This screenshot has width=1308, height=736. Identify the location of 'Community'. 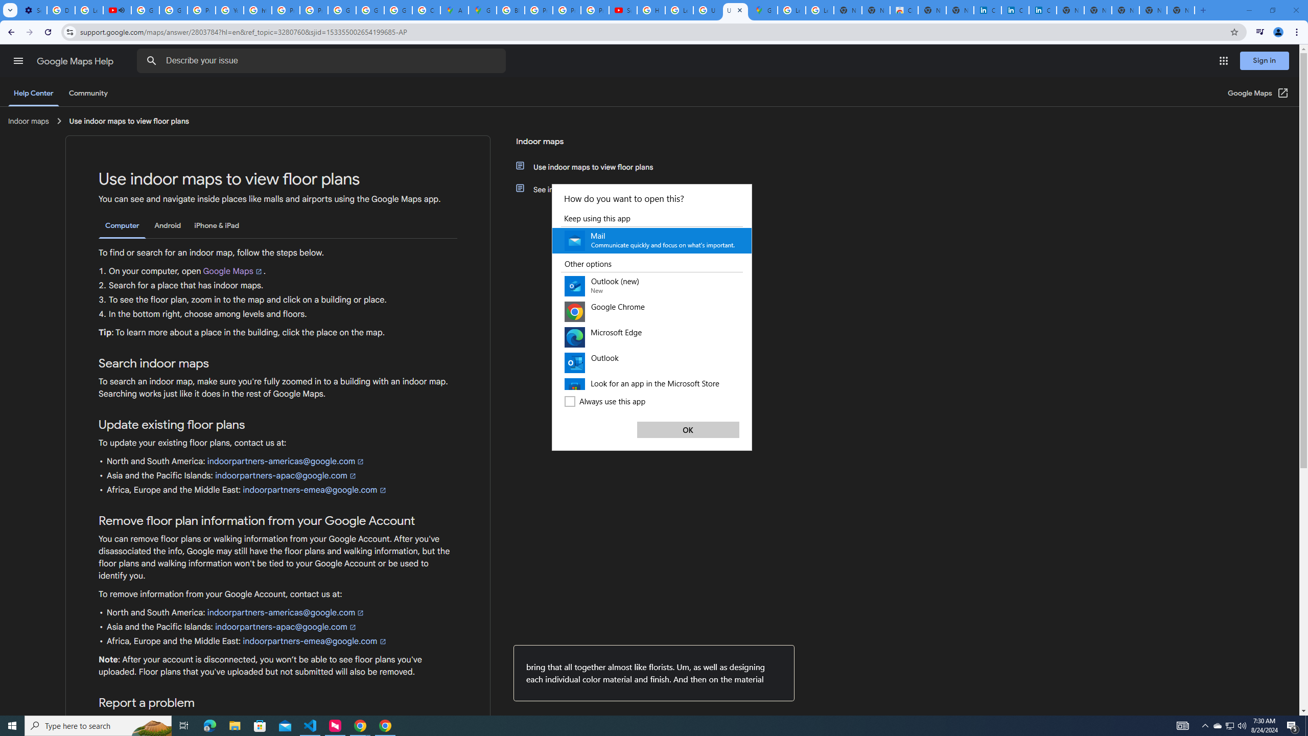
(87, 93).